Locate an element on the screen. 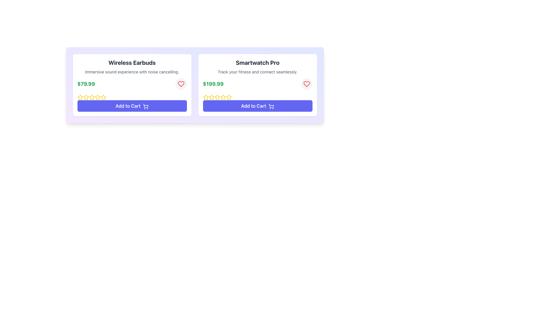  the first star icon in the 5-star rating system for the Wireless Earbuds, located below the product description and price is located at coordinates (80, 97).